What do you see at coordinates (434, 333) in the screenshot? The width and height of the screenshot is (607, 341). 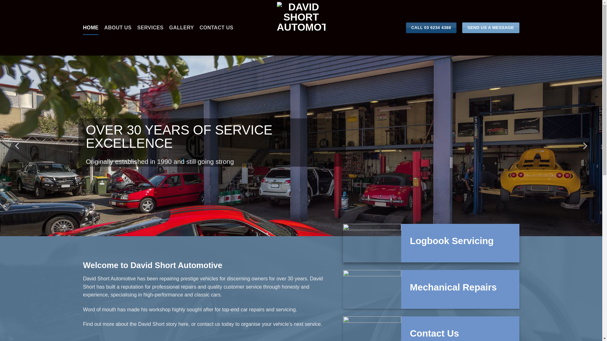 I see `'Contact Us'` at bounding box center [434, 333].